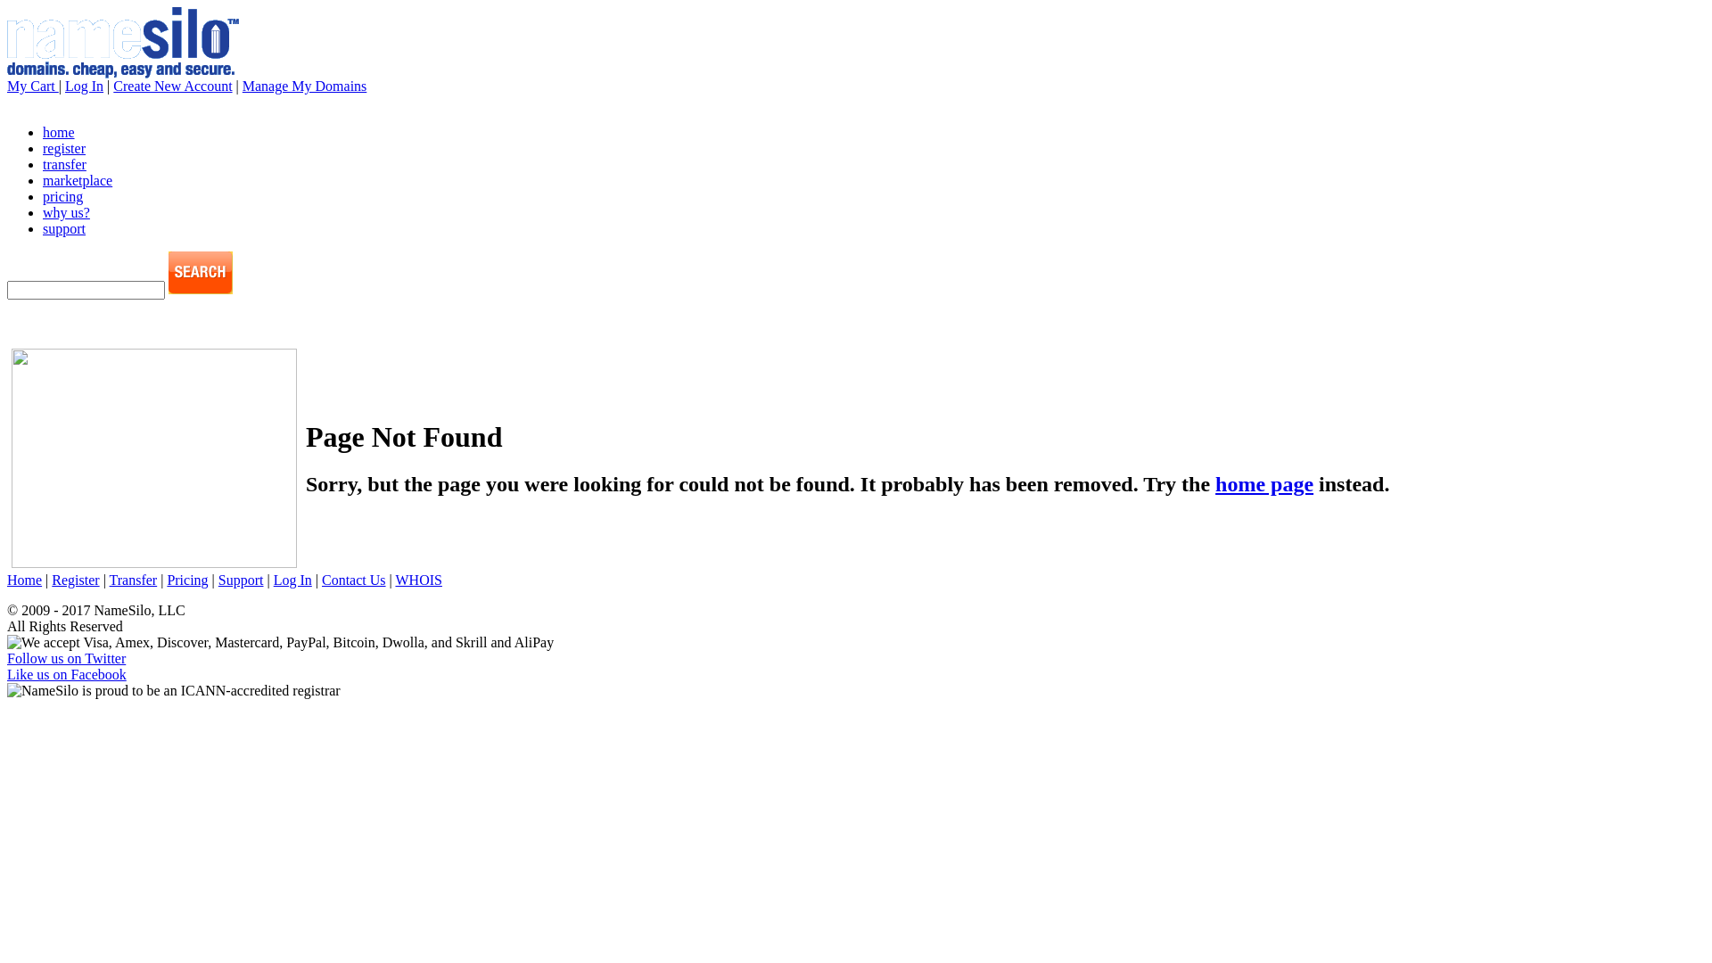 The width and height of the screenshot is (1712, 963). I want to click on 'Contact Us', so click(321, 580).